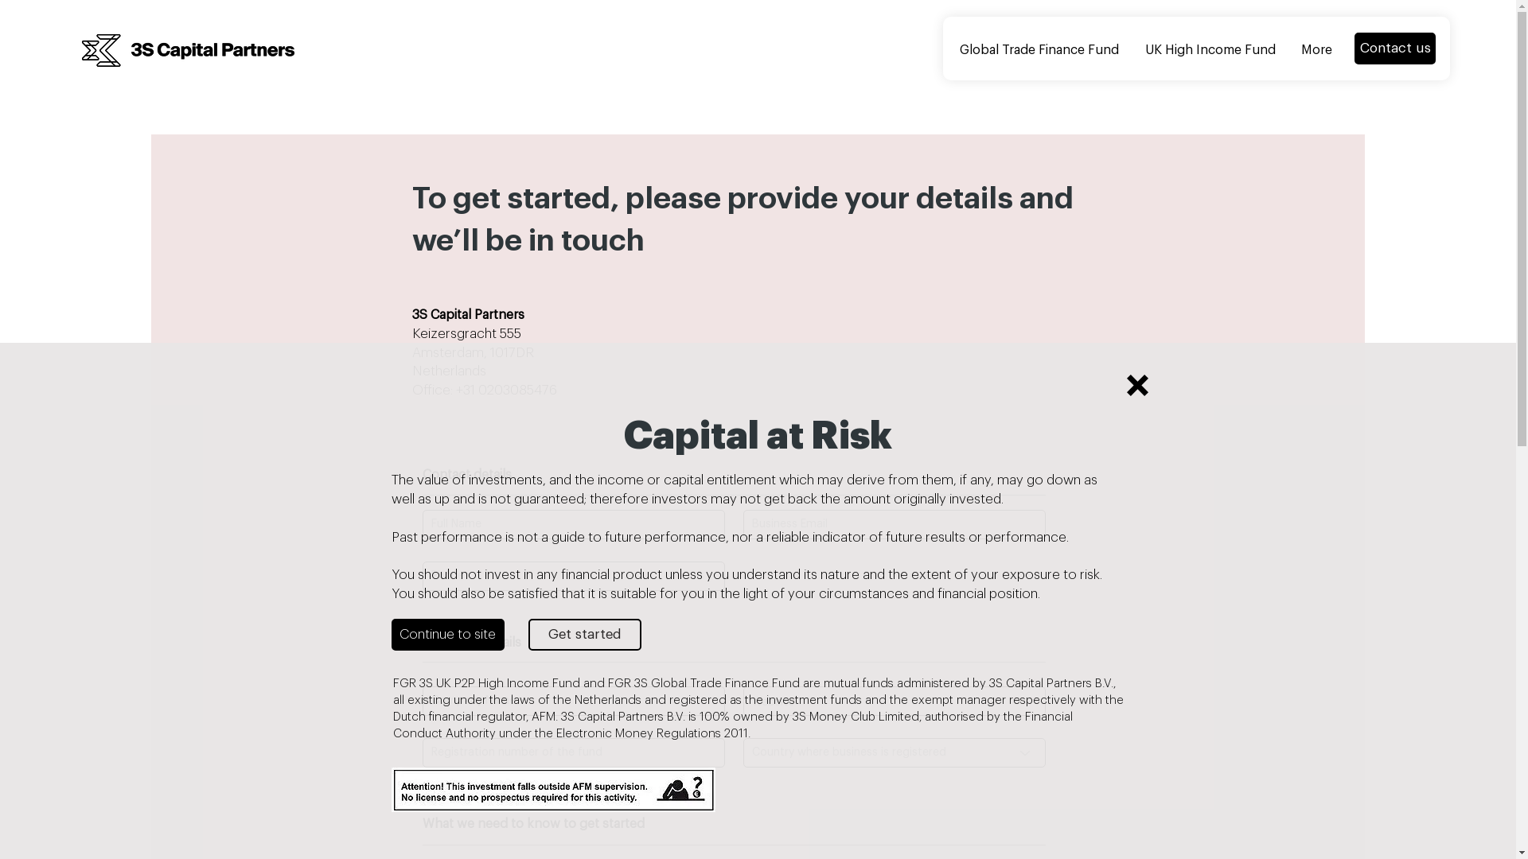 This screenshot has width=1528, height=859. Describe the element at coordinates (1210, 49) in the screenshot. I see `'UK High Income Fund'` at that location.